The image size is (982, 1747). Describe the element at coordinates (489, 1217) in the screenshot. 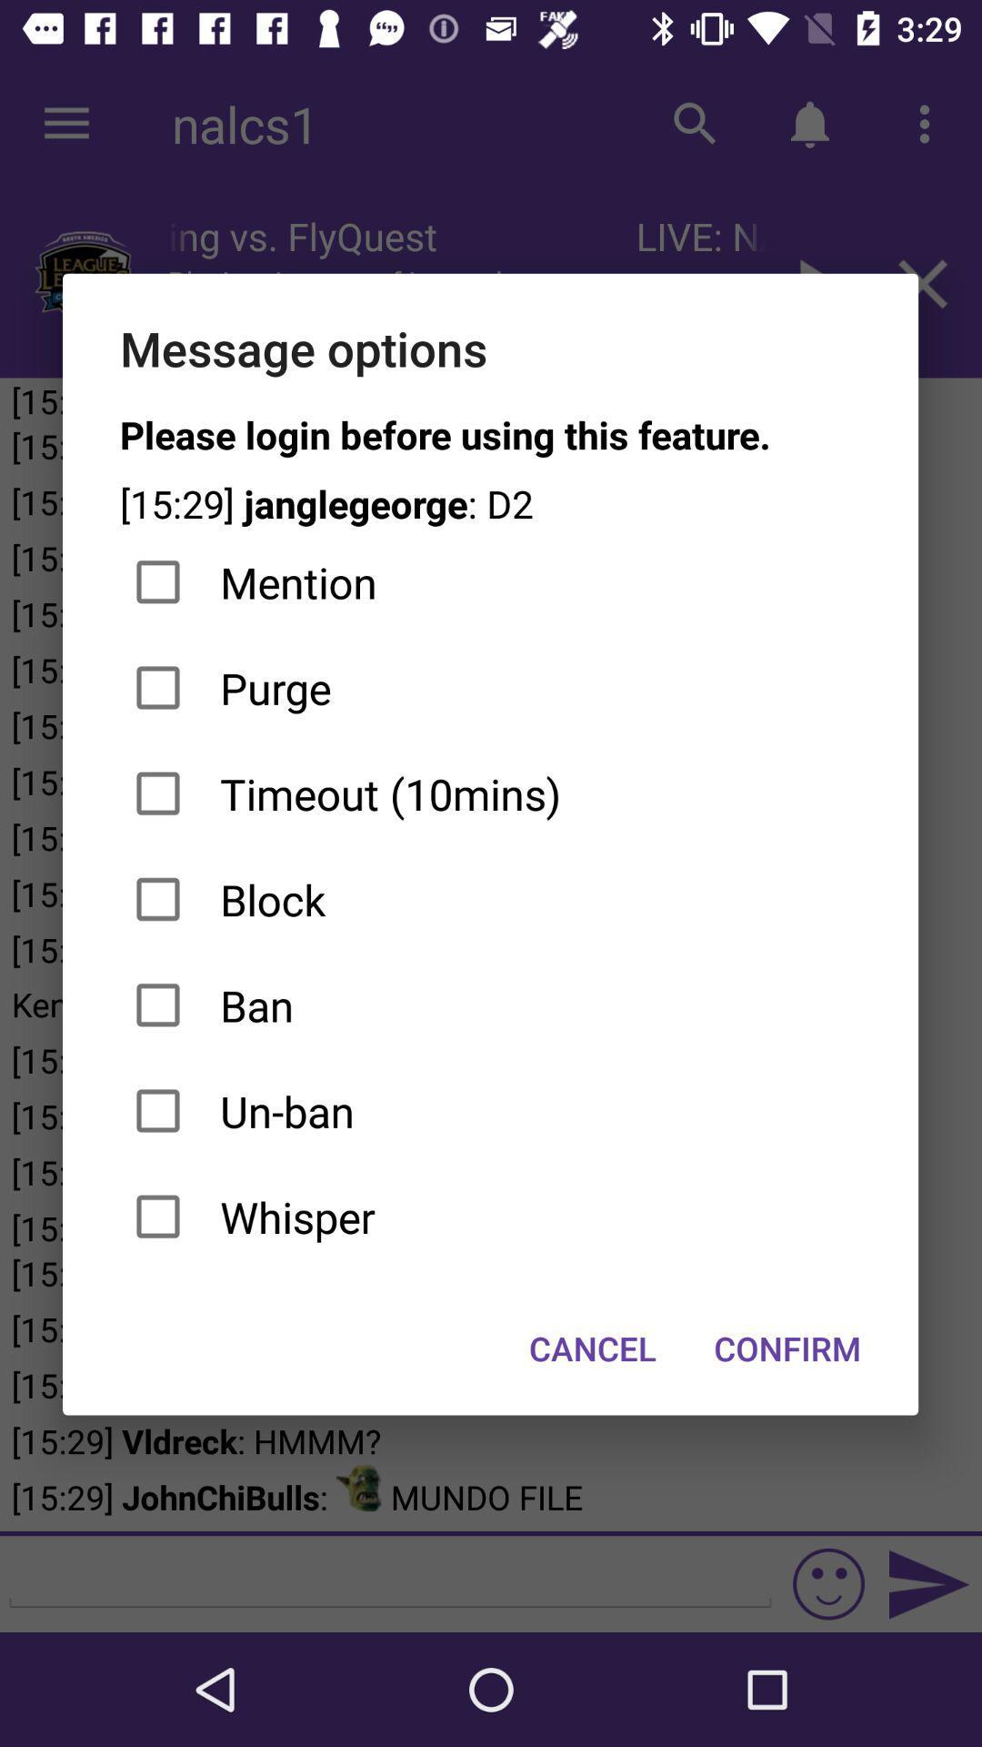

I see `the whisper checkbox` at that location.